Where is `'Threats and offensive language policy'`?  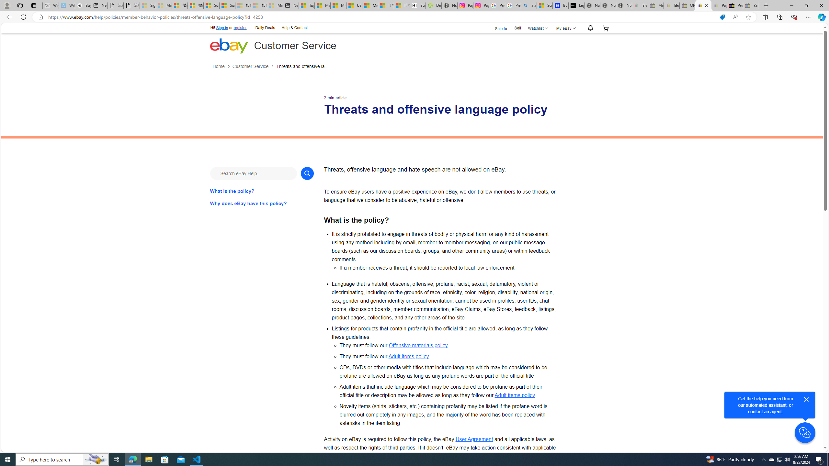 'Threats and offensive language policy' is located at coordinates (303, 66).